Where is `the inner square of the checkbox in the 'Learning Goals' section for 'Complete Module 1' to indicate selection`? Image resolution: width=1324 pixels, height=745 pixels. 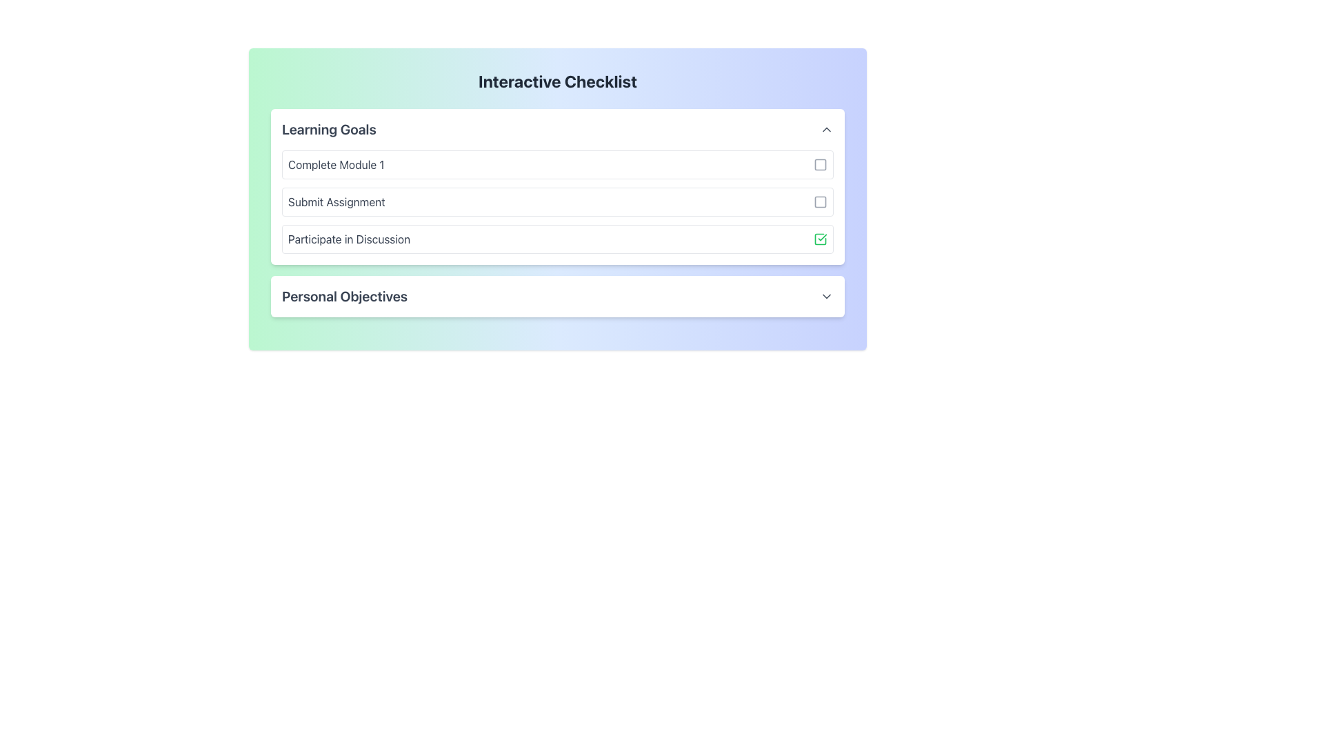
the inner square of the checkbox in the 'Learning Goals' section for 'Complete Module 1' to indicate selection is located at coordinates (821, 164).